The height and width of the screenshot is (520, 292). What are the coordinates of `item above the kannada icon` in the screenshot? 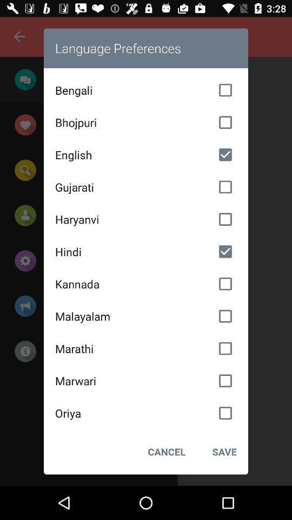 It's located at (146, 251).